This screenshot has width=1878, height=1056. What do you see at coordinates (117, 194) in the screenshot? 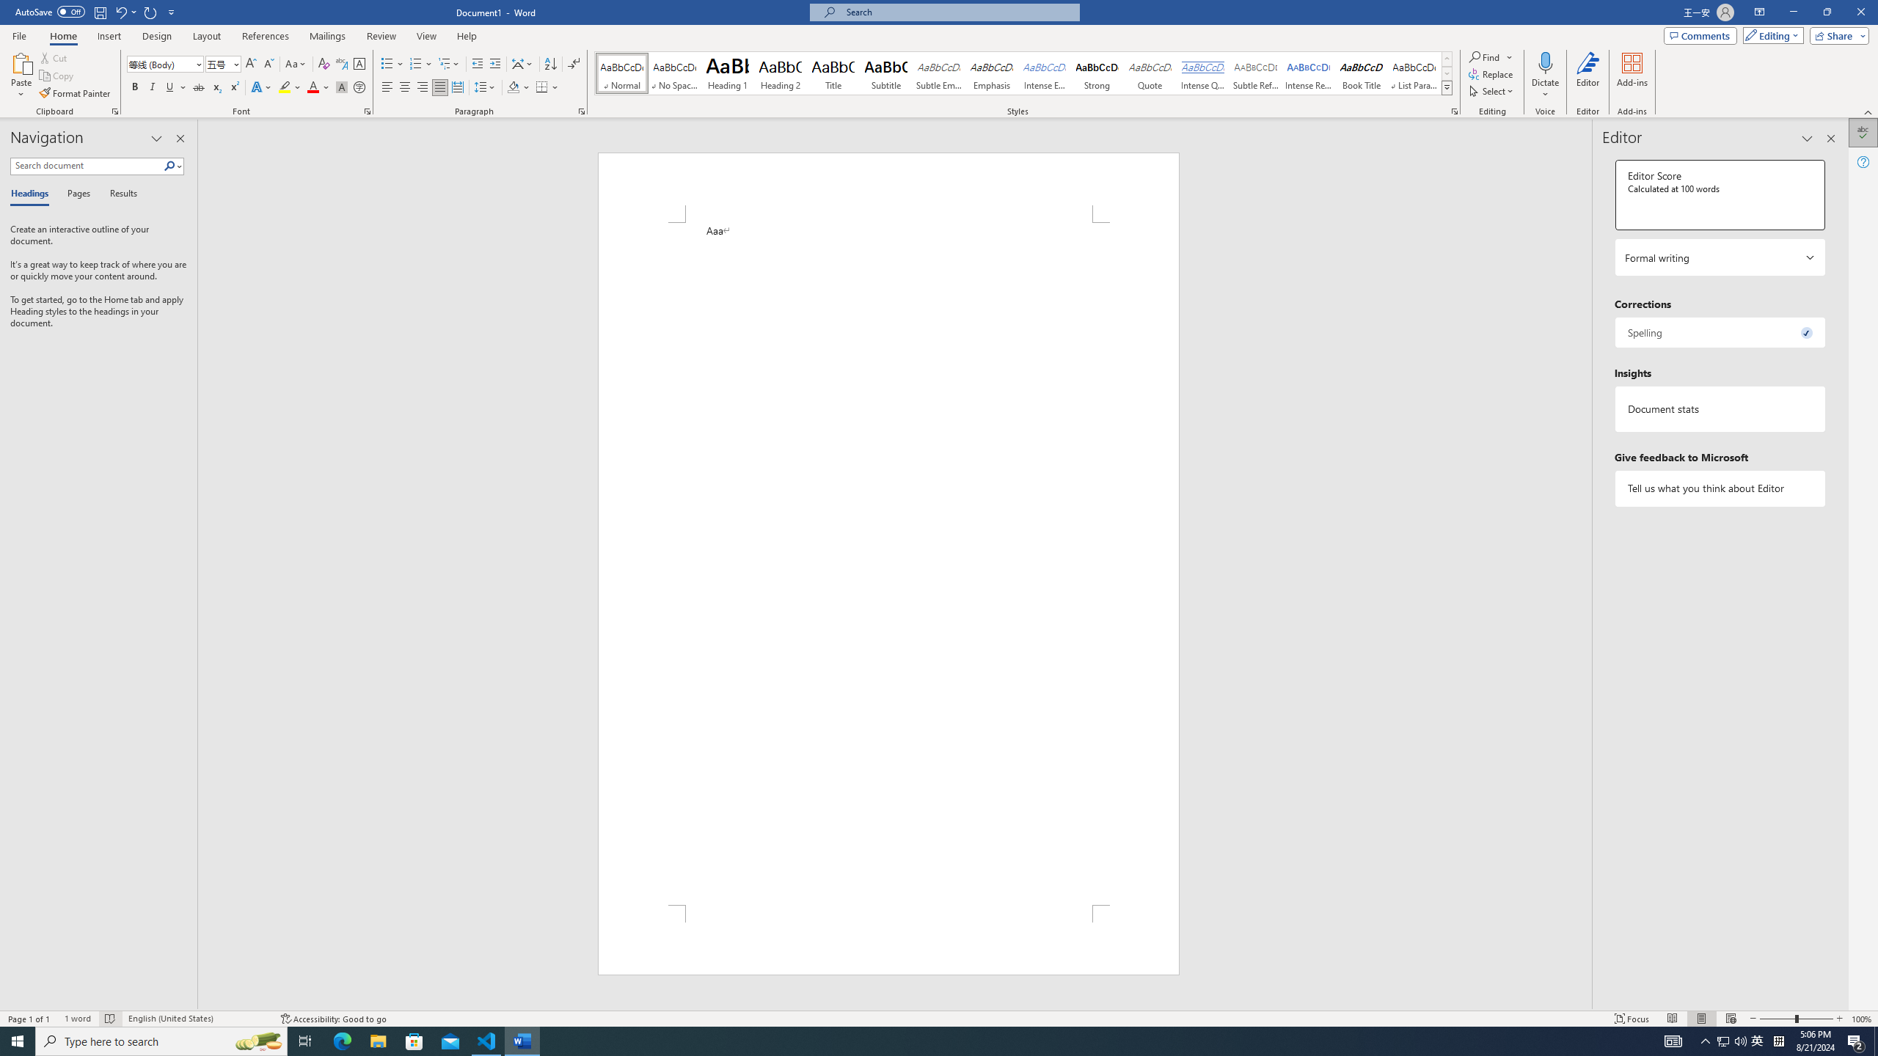
I see `'Results'` at bounding box center [117, 194].